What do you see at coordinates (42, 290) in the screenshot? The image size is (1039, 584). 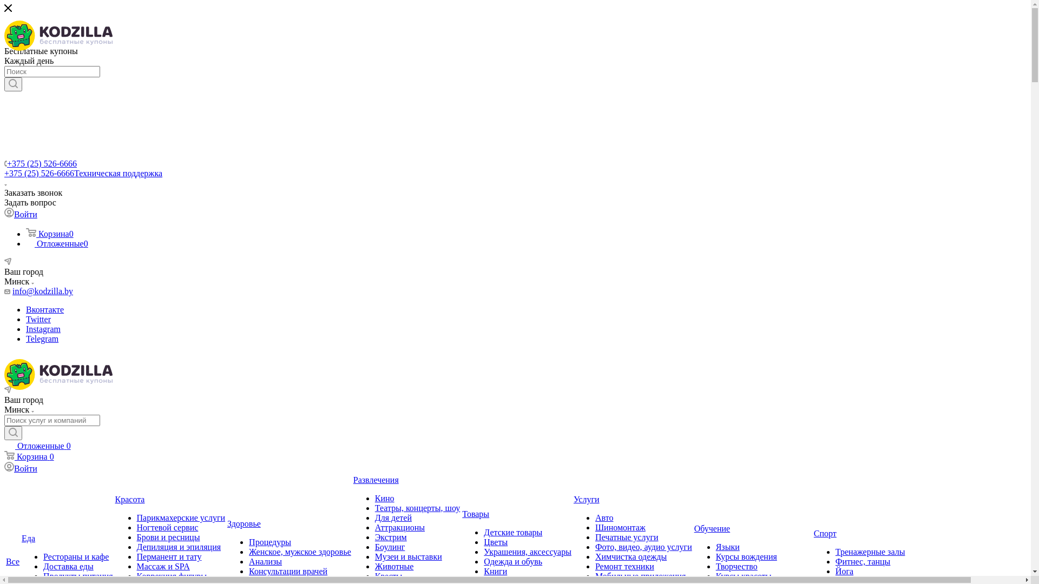 I see `'info@kodzilla.by'` at bounding box center [42, 290].